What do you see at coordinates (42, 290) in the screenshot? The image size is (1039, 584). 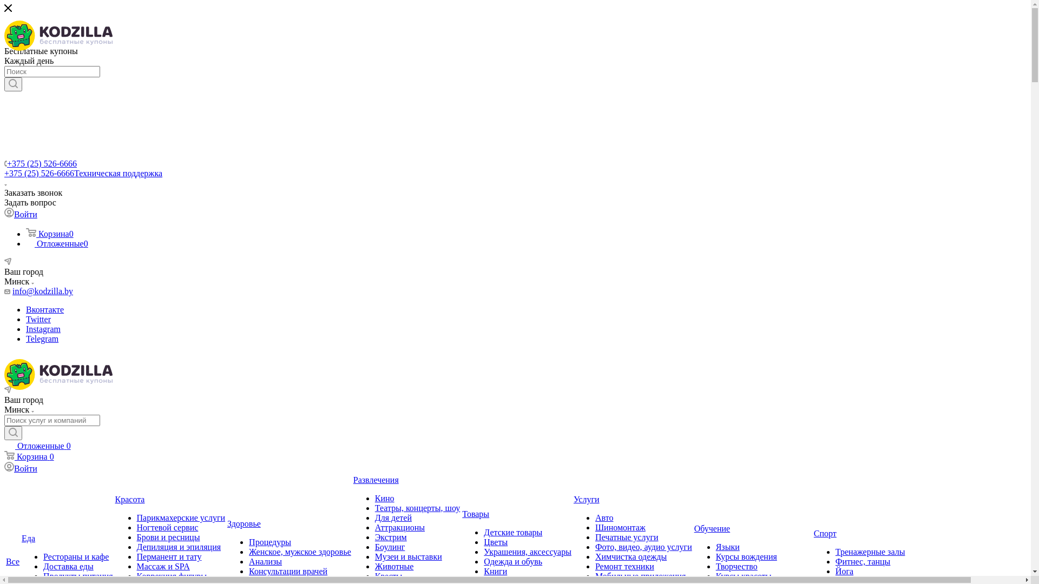 I see `'info@kodzilla.by'` at bounding box center [42, 290].